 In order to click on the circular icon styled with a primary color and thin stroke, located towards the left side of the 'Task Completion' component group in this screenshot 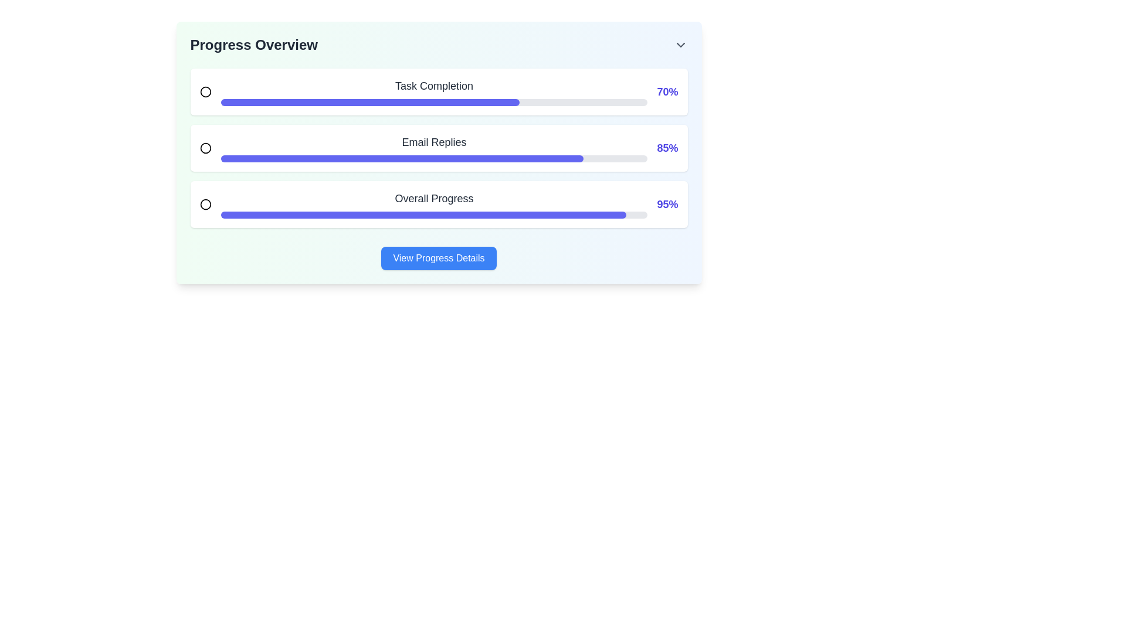, I will do `click(205, 91)`.